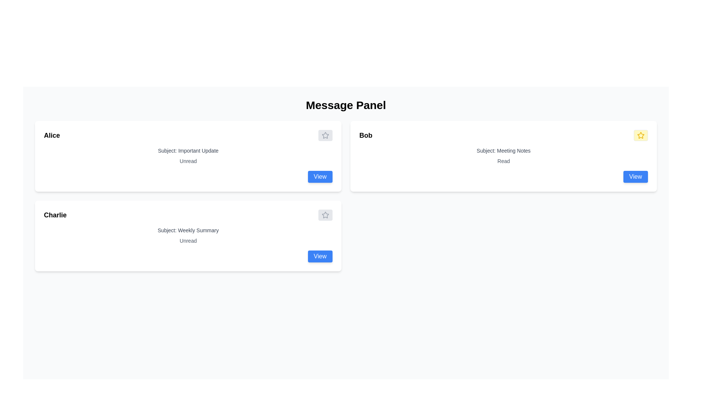 The height and width of the screenshot is (402, 715). I want to click on the text label that contains the word 'Unread', which is gray and positioned below the subject line 'Subject: Weekly Summary' and above the action button 'View', so click(188, 241).